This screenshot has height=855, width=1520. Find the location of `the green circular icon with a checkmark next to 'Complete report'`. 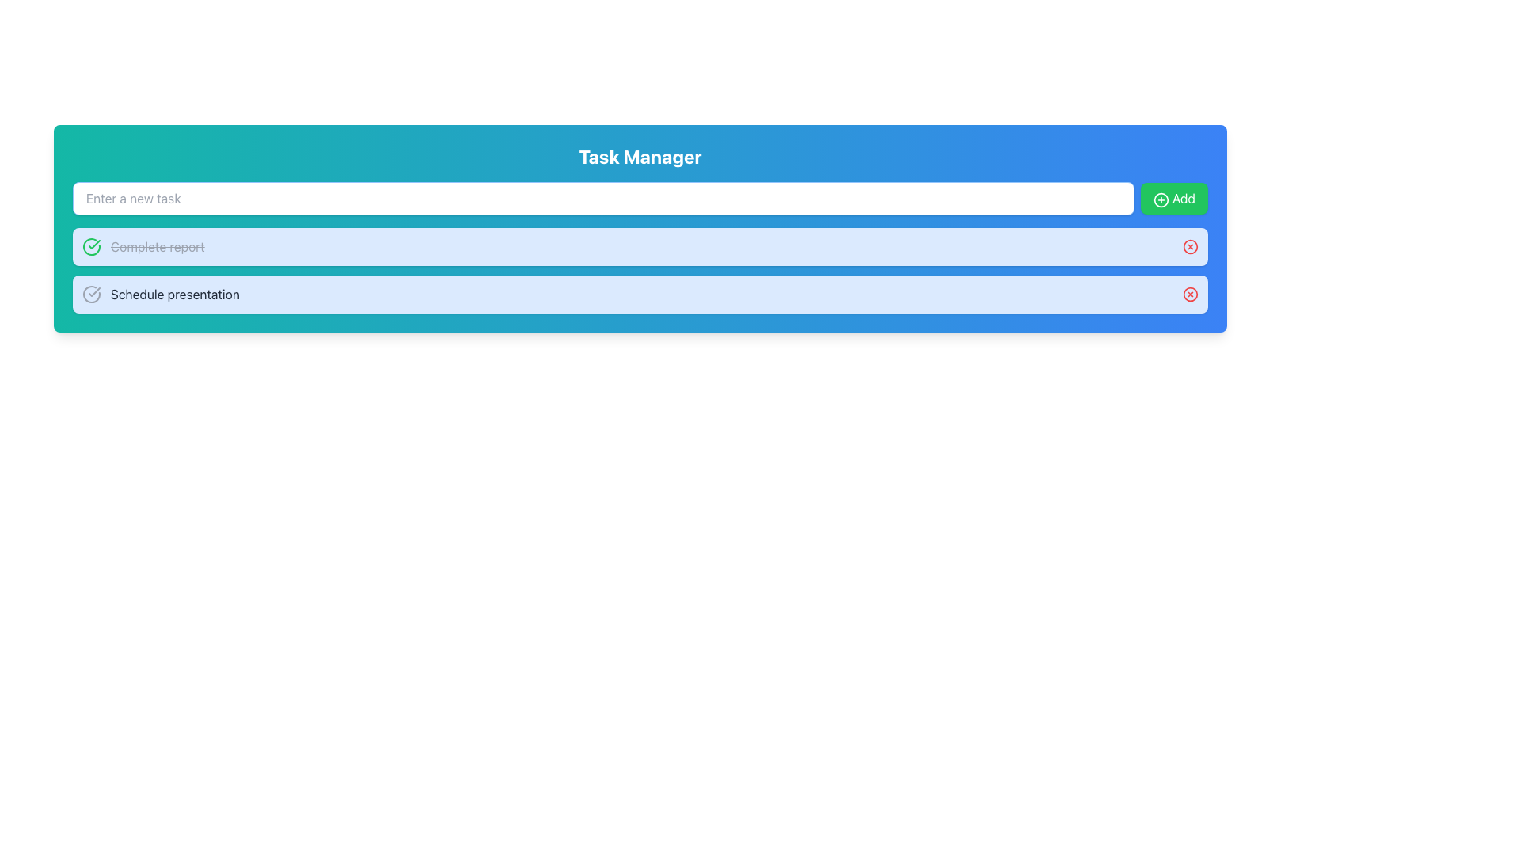

the green circular icon with a checkmark next to 'Complete report' is located at coordinates (90, 247).